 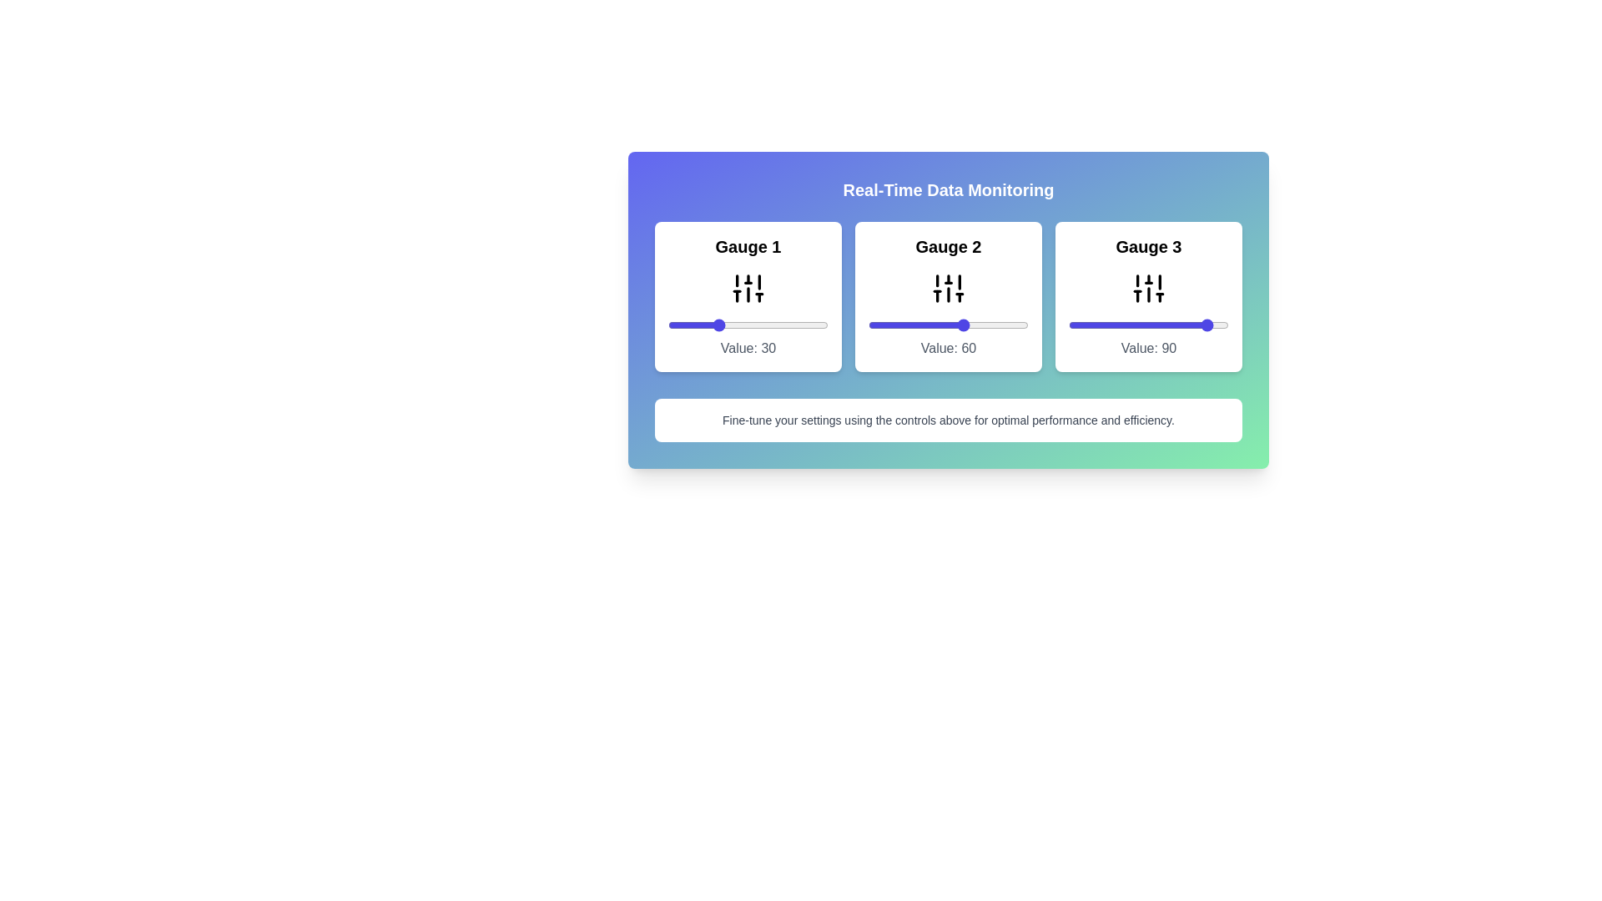 What do you see at coordinates (1148, 247) in the screenshot?
I see `the 'Gauge 3' text label displayed in bold, large font at the top of the rightmost card in a three-column grid` at bounding box center [1148, 247].